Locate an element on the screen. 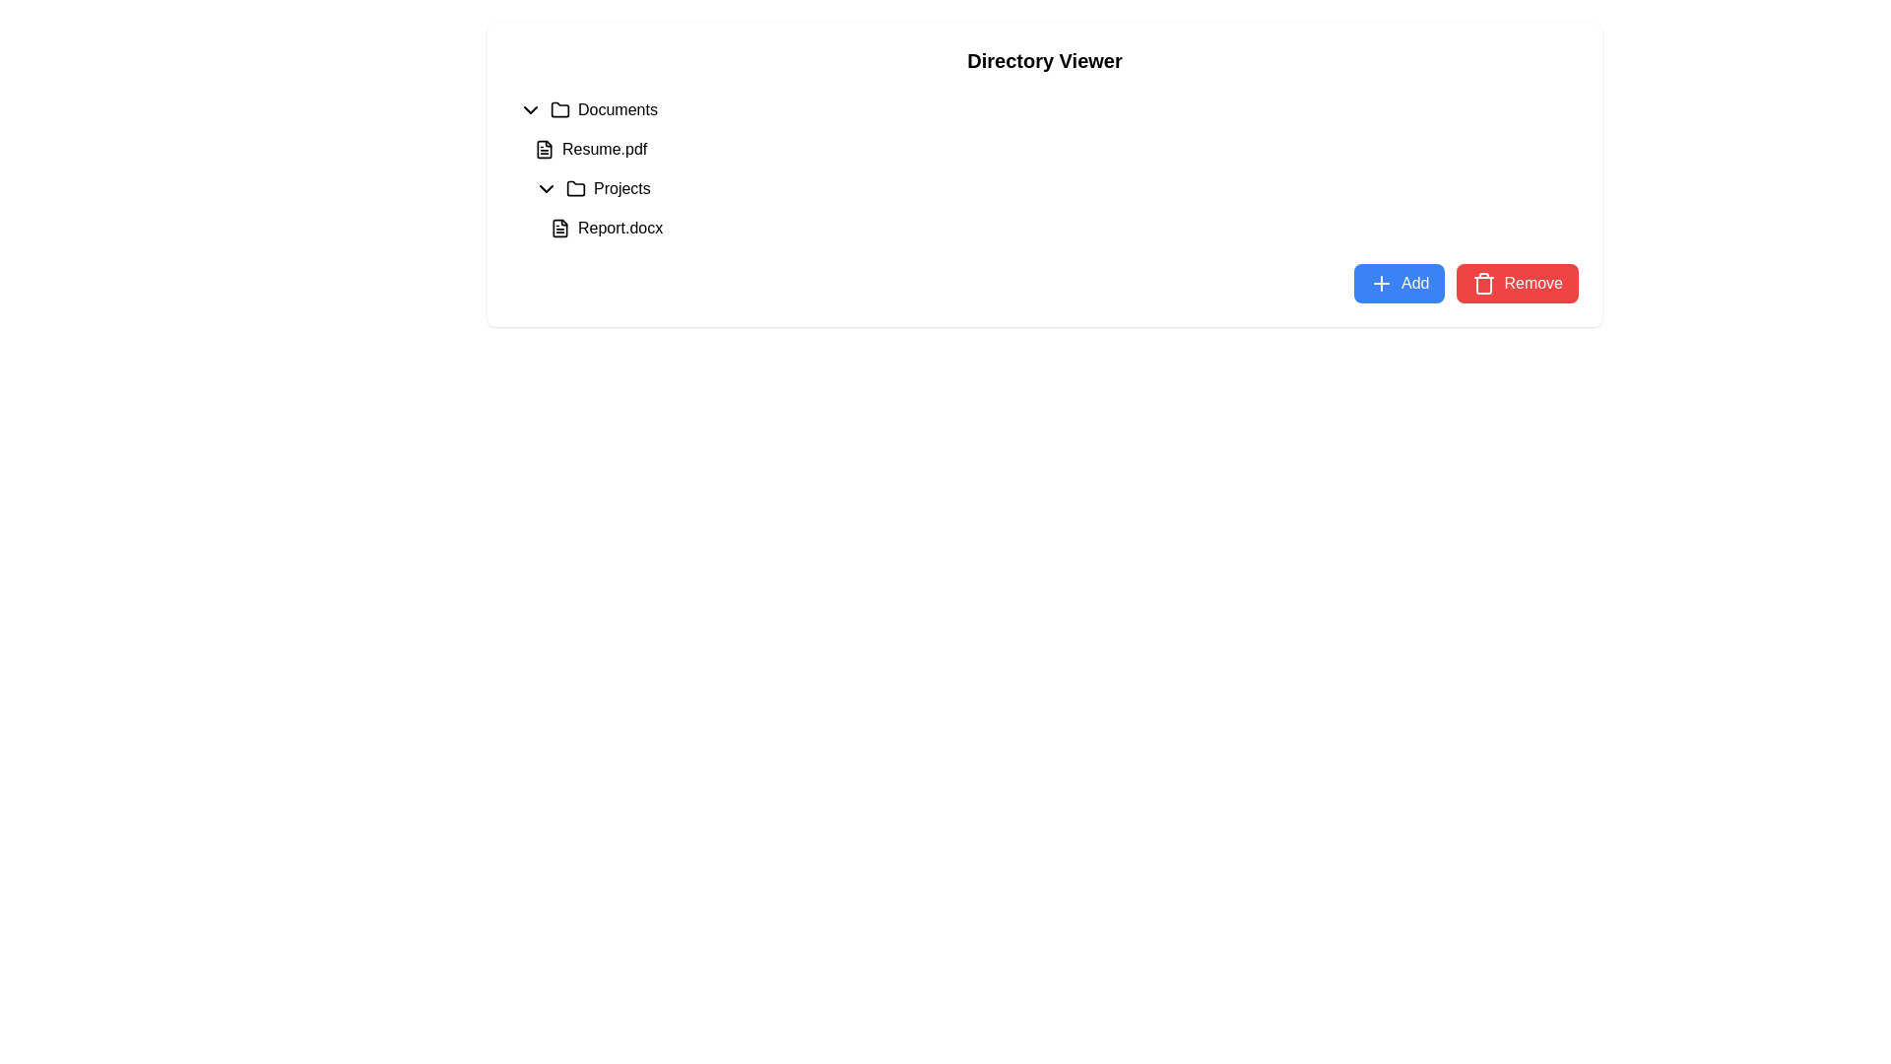  the text label indicating the file named 'Resume.pdf' in the file directory viewer is located at coordinates (604, 148).